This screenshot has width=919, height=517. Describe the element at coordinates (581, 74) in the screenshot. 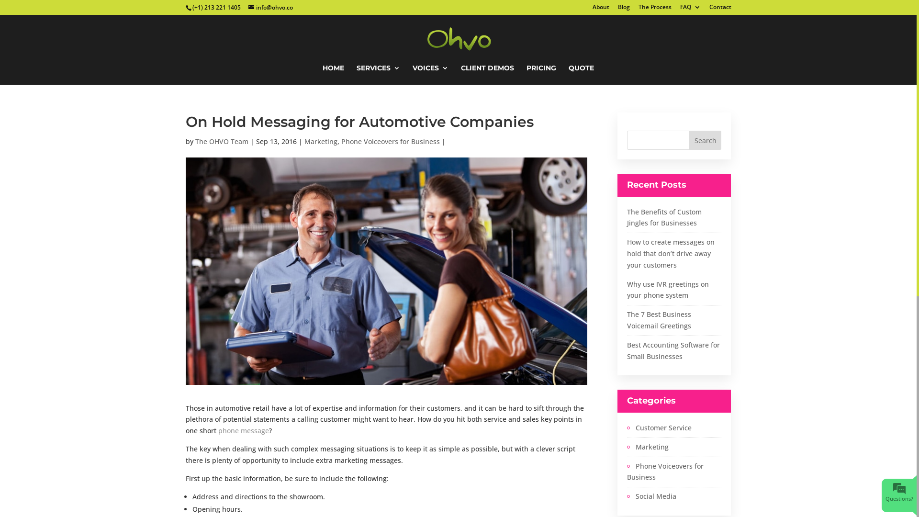

I see `'QUOTE'` at that location.